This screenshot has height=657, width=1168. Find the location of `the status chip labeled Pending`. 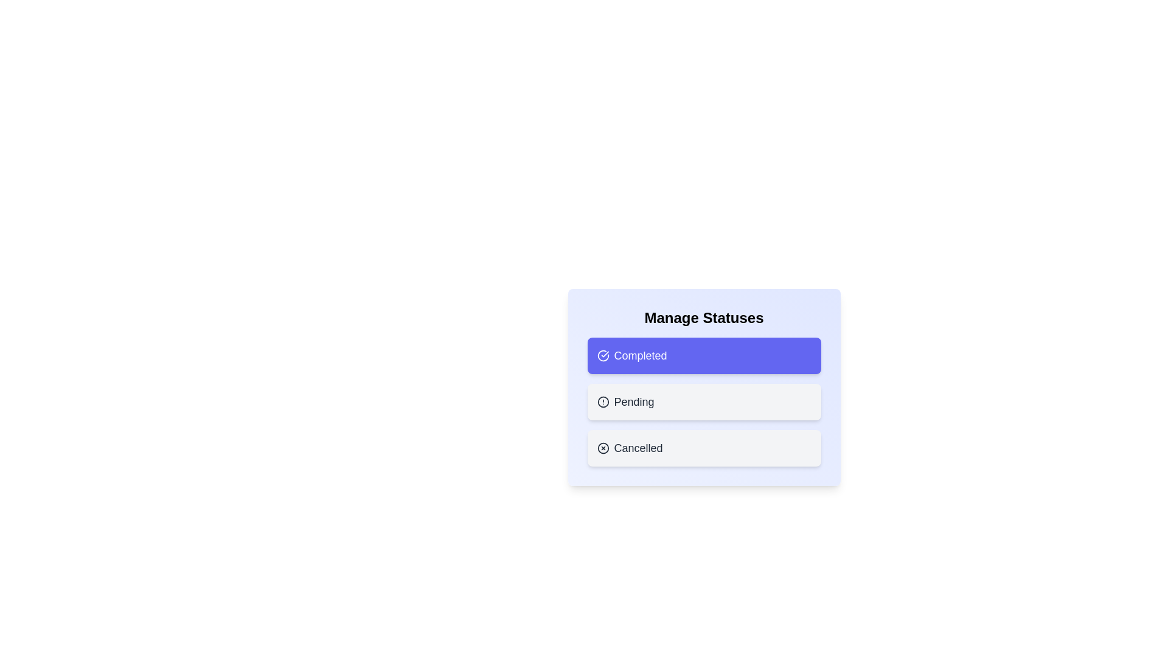

the status chip labeled Pending is located at coordinates (704, 401).